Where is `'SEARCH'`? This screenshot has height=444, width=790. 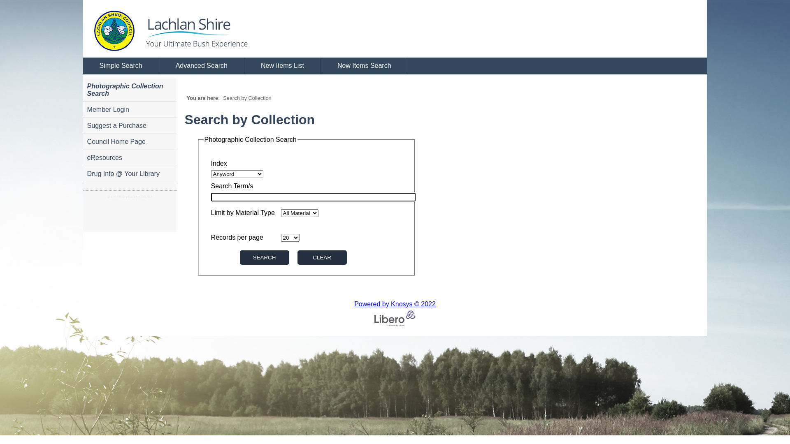
'SEARCH' is located at coordinates (265, 257).